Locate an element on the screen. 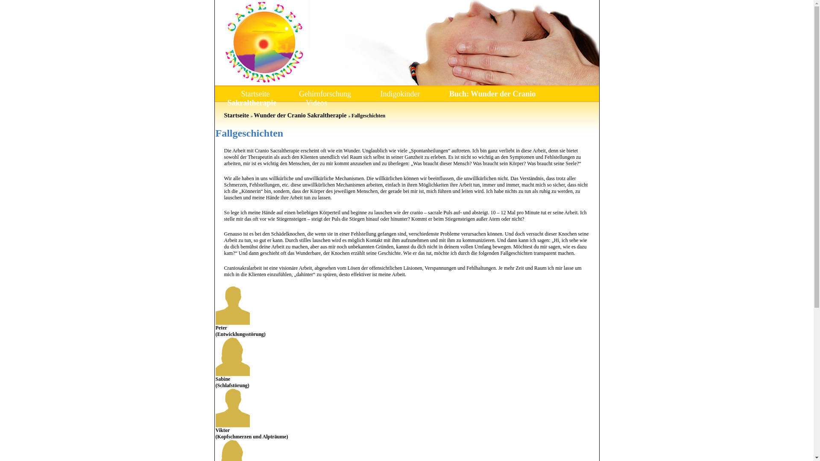  'Buch: Wunder der Cranio Sakraltherapie' is located at coordinates (381, 98).